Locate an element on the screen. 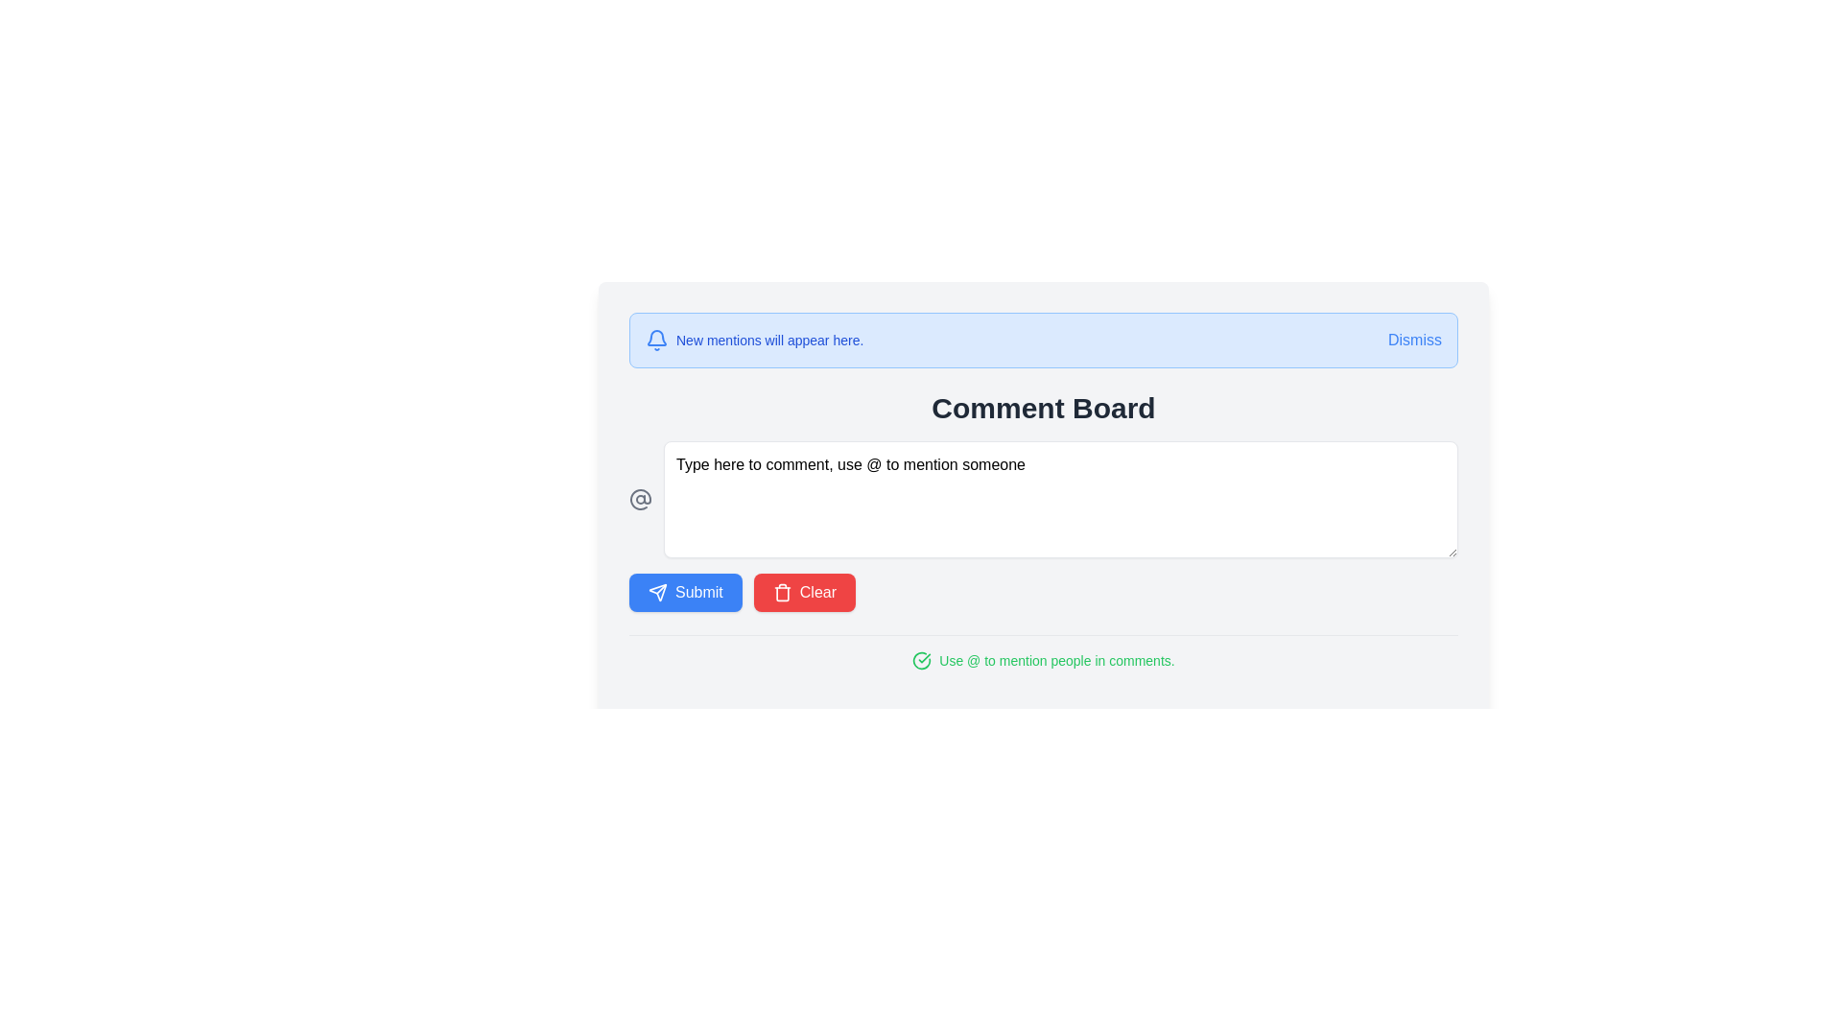  the blue 'Submit' button with white text and a paper plane icon is located at coordinates (685, 591).